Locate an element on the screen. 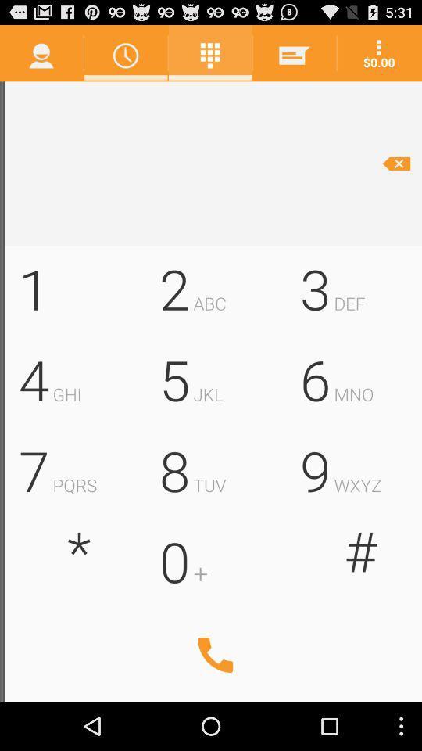 This screenshot has height=751, width=422. the minus icon is located at coordinates (394, 174).